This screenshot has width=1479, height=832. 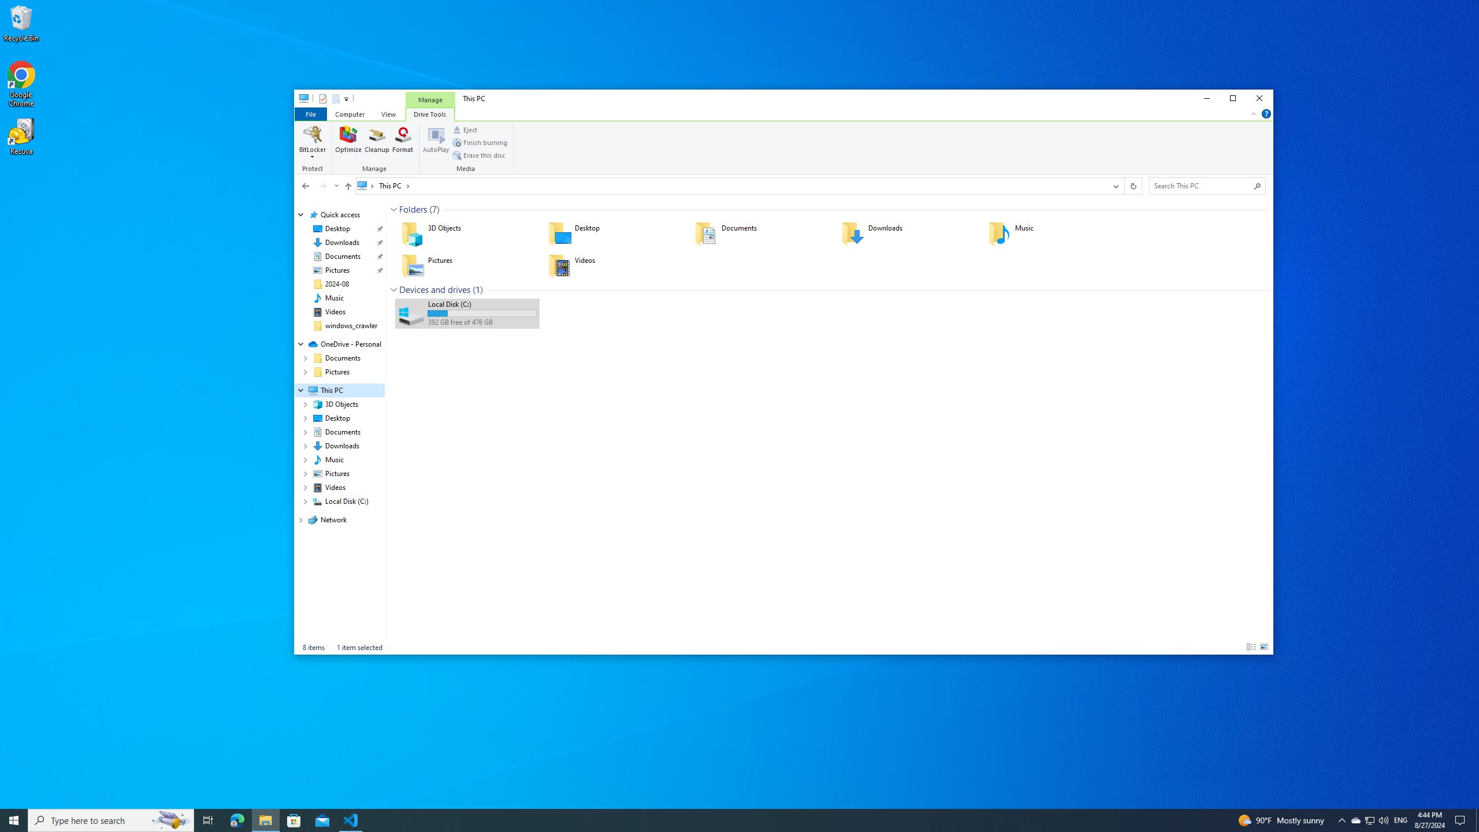 I want to click on 'Drive Tools', so click(x=429, y=113).